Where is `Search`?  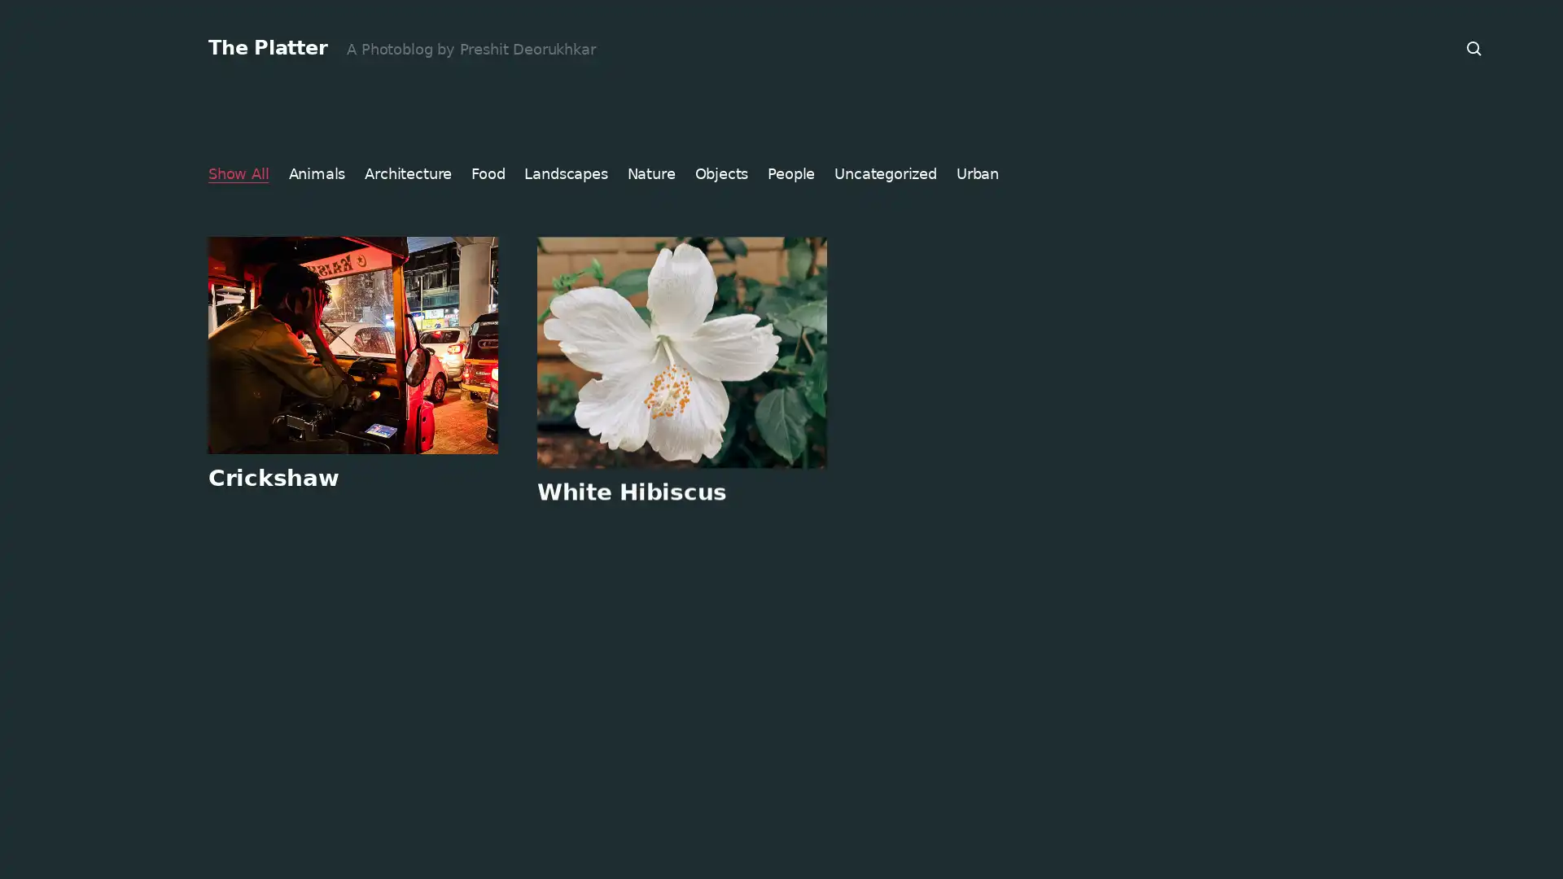
Search is located at coordinates (1474, 48).